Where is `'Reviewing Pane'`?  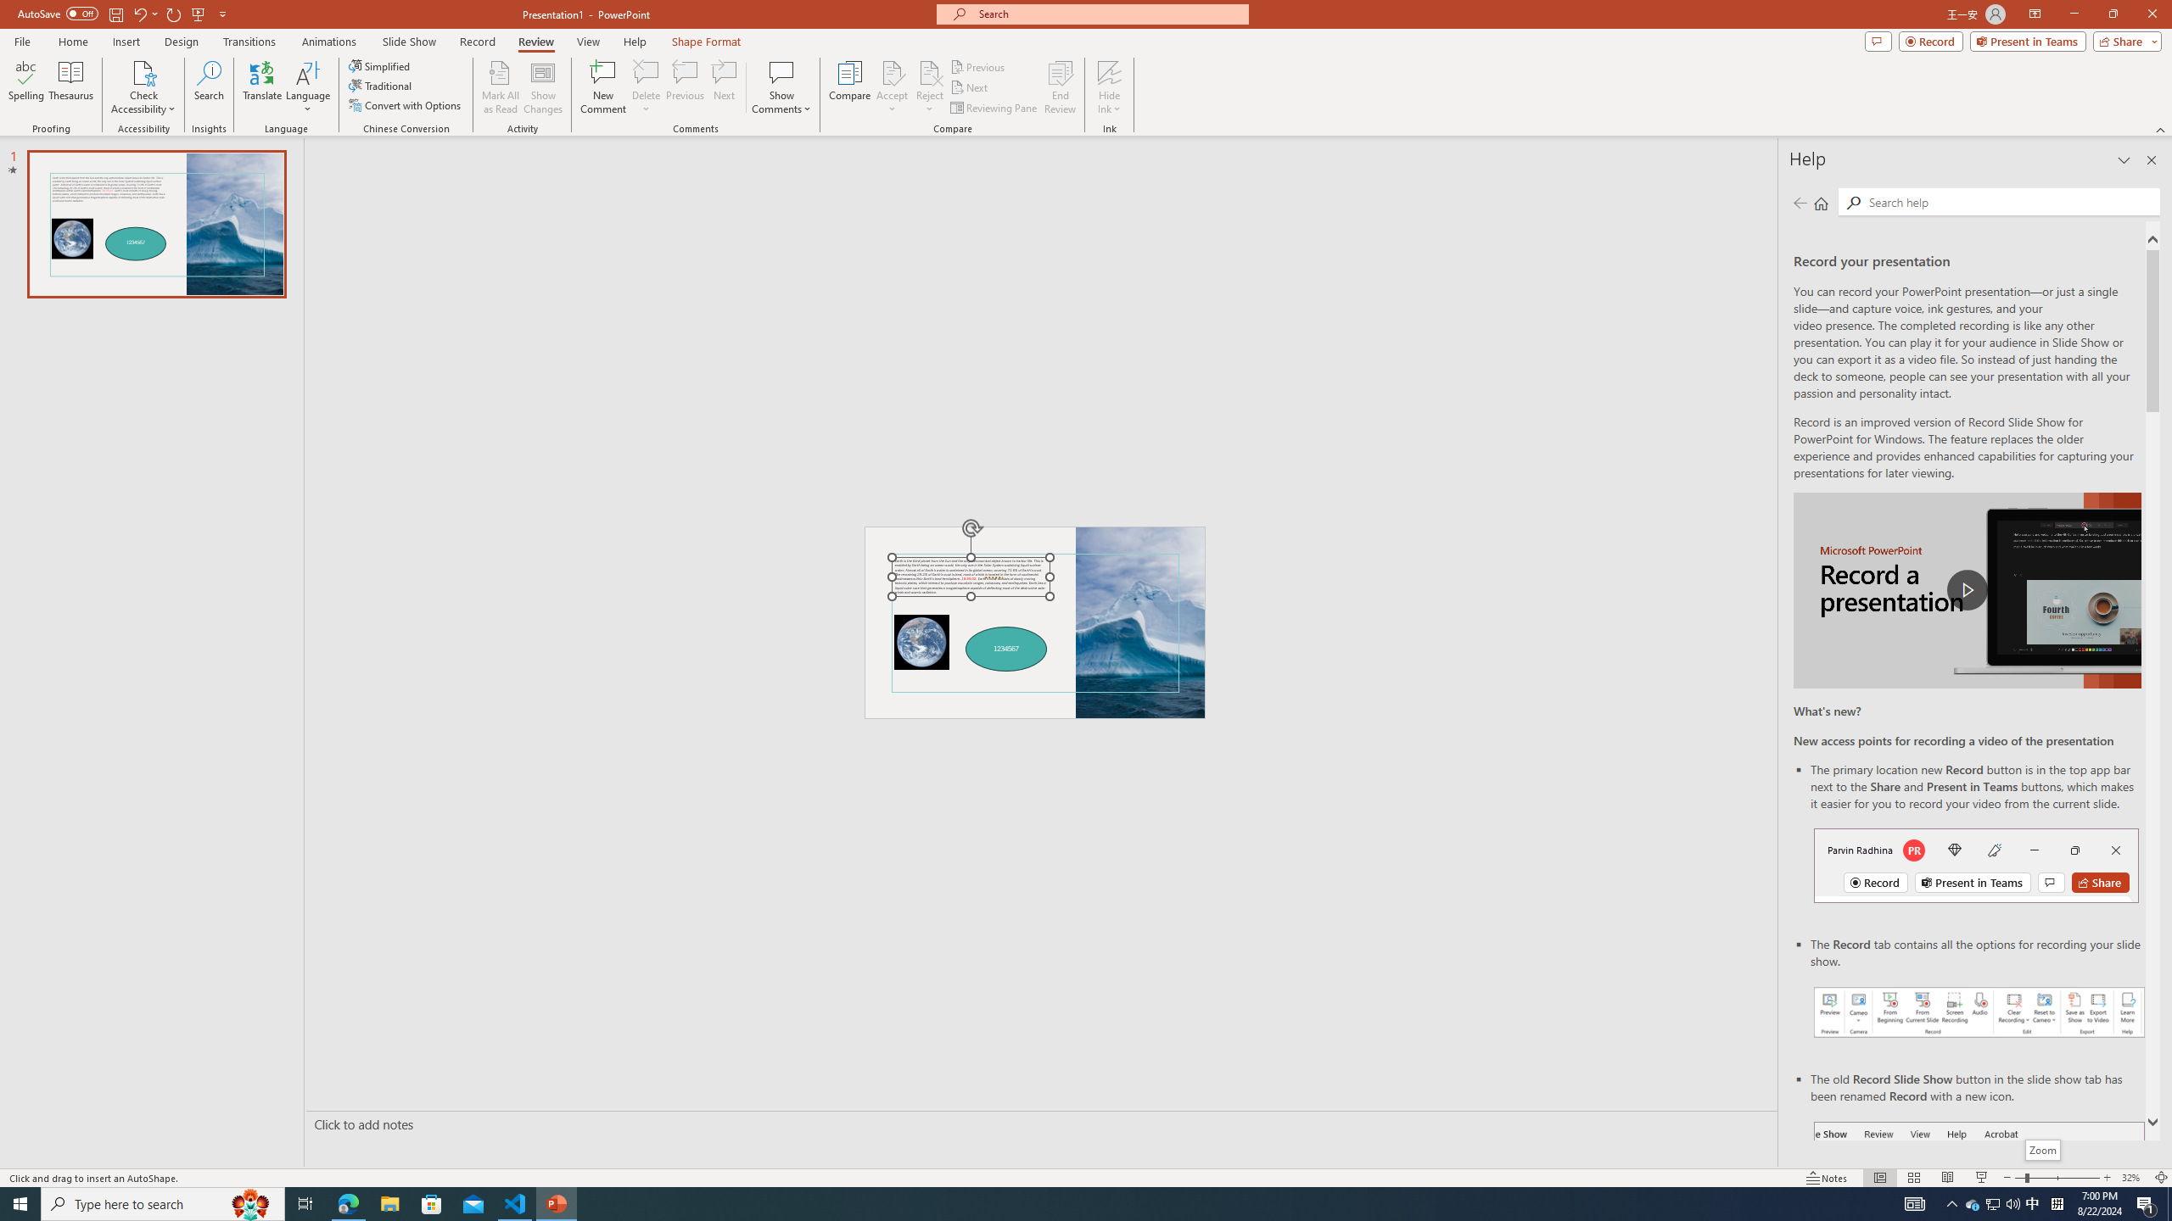
'Reviewing Pane' is located at coordinates (994, 108).